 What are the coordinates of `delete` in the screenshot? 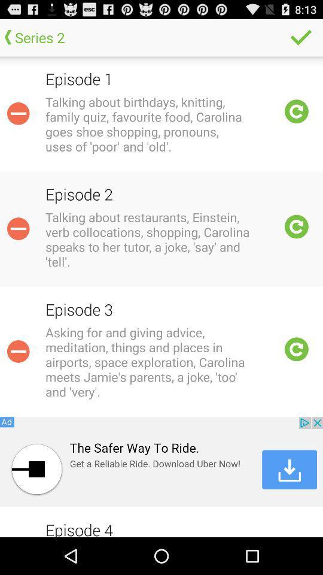 It's located at (17, 228).